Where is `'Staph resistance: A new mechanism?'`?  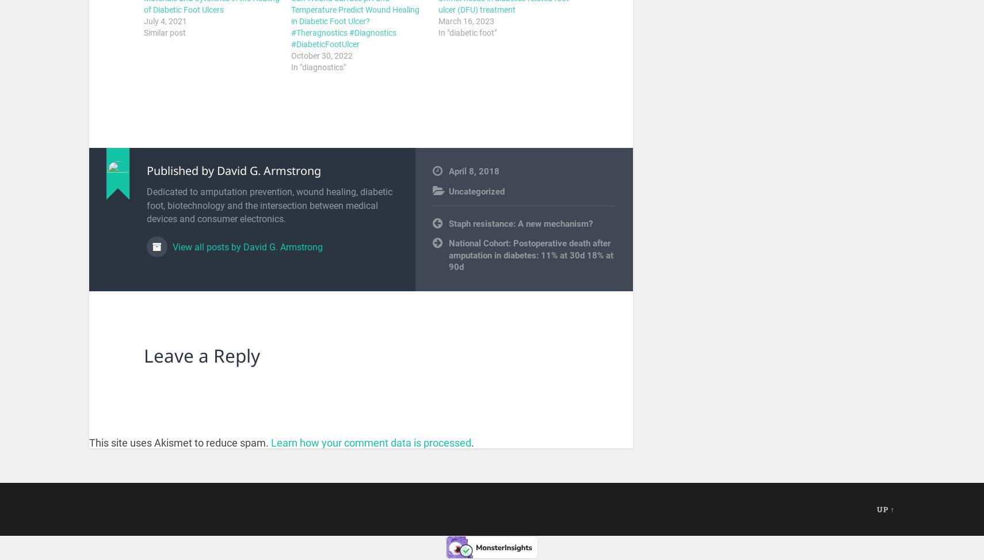
'Staph resistance: A new mechanism?' is located at coordinates (520, 223).